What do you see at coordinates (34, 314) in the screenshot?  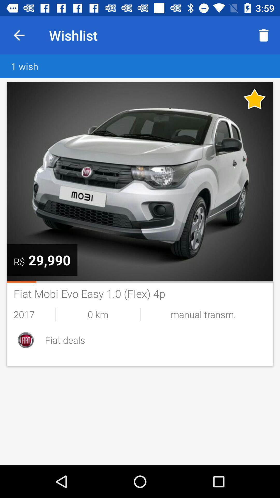 I see `the icon next to 0 km icon` at bounding box center [34, 314].